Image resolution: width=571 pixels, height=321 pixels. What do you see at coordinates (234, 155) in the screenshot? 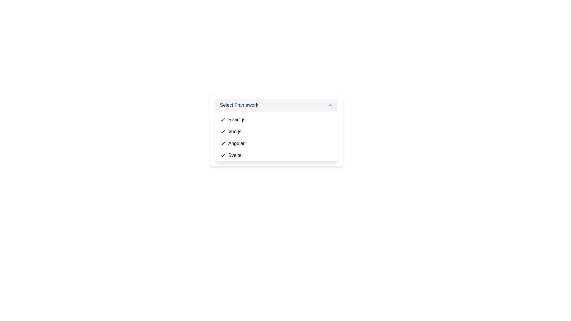
I see `the text label displaying the word 'Svelte', which is the fourth item in a vertical list of selectable frameworks in a dropdown menu` at bounding box center [234, 155].